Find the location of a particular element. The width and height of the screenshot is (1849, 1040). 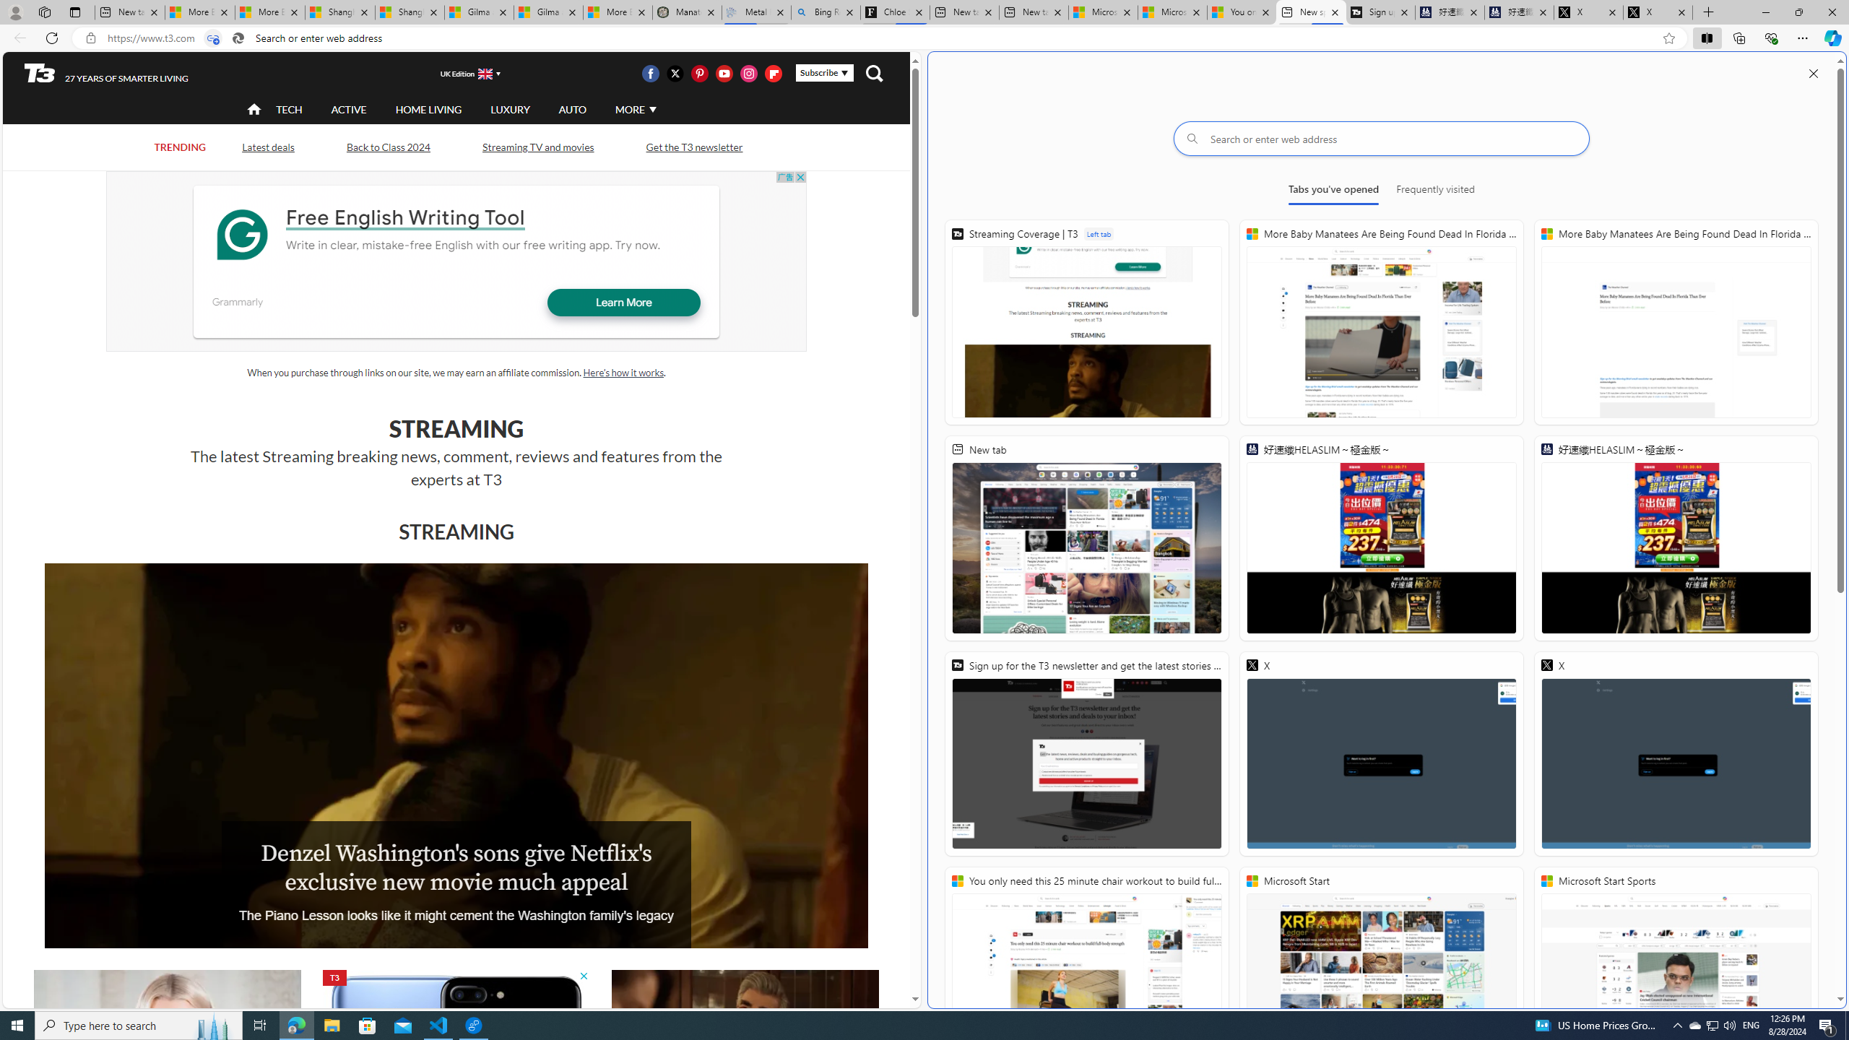

'Tabs in split screen' is located at coordinates (212, 38).